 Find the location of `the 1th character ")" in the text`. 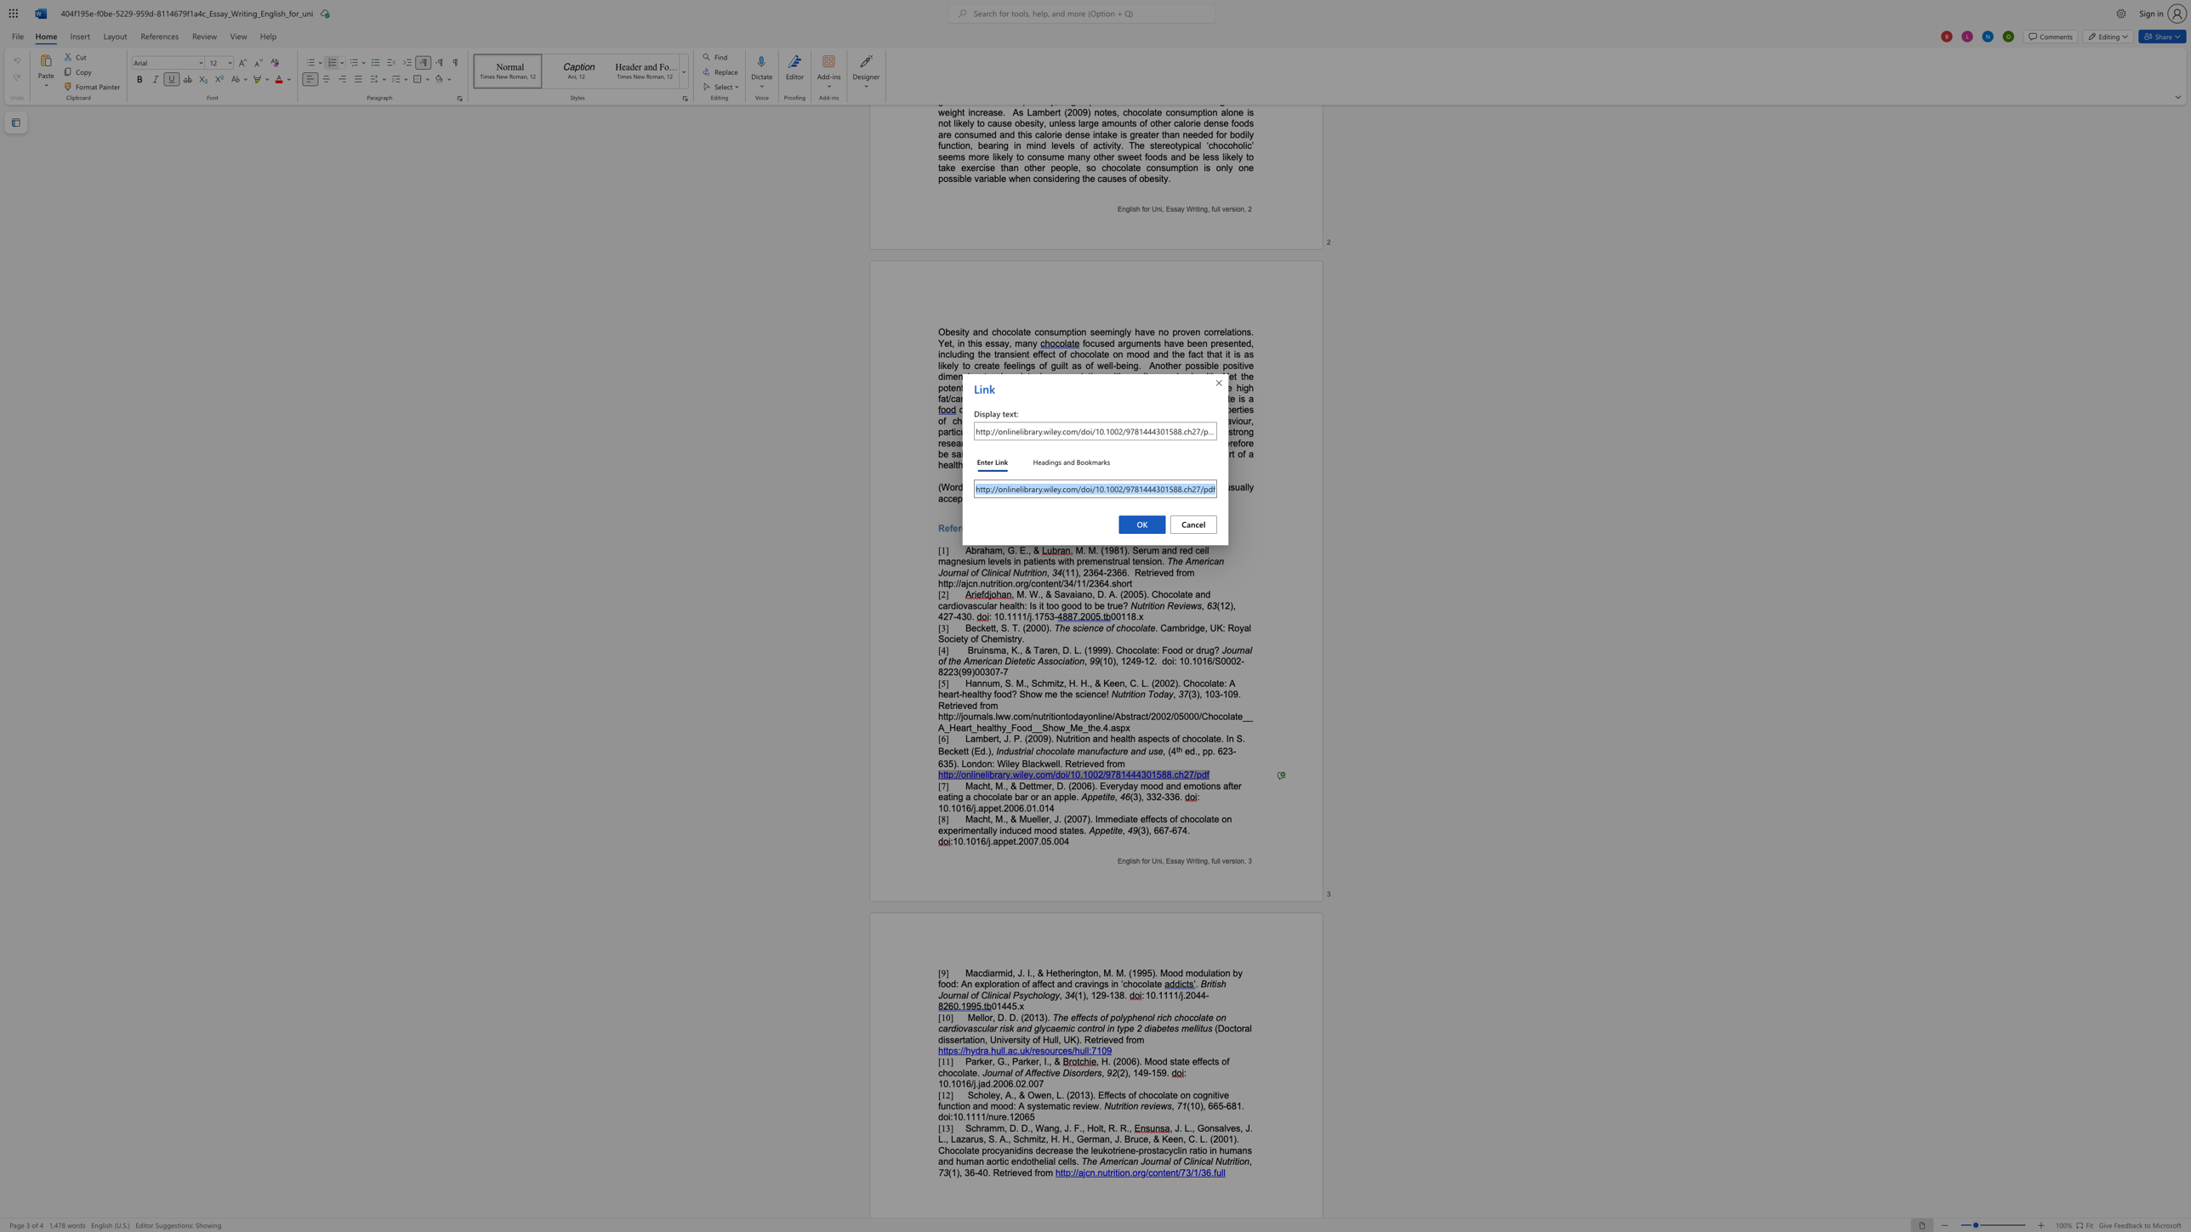

the 1th character ")" in the text is located at coordinates (1147, 831).